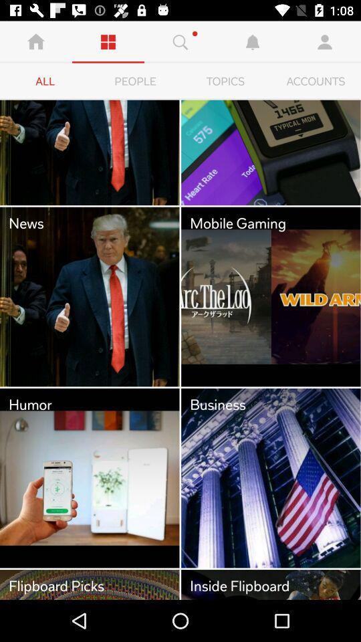 Image resolution: width=361 pixels, height=642 pixels. I want to click on the icon next to all item, so click(135, 81).